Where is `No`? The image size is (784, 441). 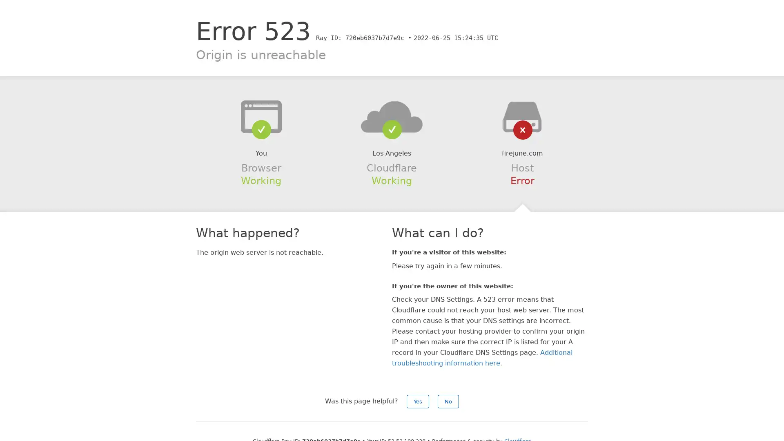
No is located at coordinates (448, 401).